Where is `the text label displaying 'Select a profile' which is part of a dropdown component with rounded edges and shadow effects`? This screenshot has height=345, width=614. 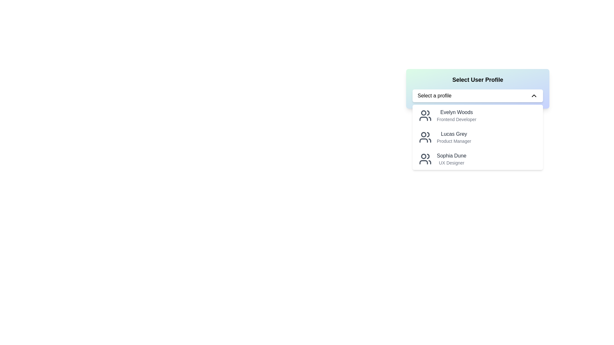
the text label displaying 'Select a profile' which is part of a dropdown component with rounded edges and shadow effects is located at coordinates (434, 96).